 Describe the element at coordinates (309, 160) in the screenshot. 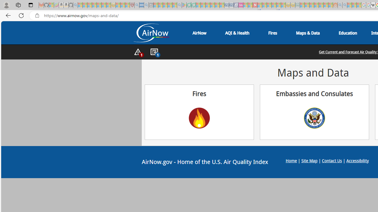

I see `'Site Map'` at that location.